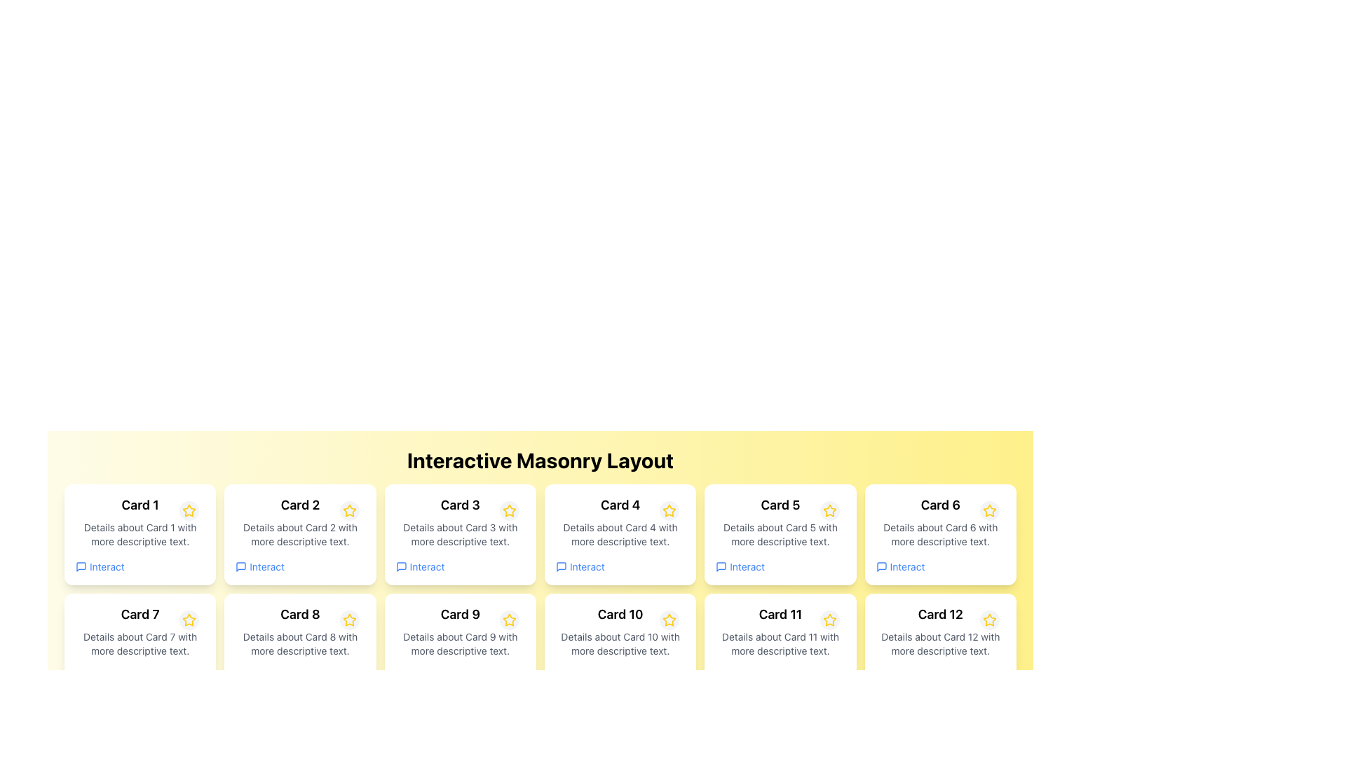 The image size is (1346, 757). Describe the element at coordinates (349, 620) in the screenshot. I see `the interactive icon located at the top-right corner of 'Card 8' in the second row of the masonry layout` at that location.